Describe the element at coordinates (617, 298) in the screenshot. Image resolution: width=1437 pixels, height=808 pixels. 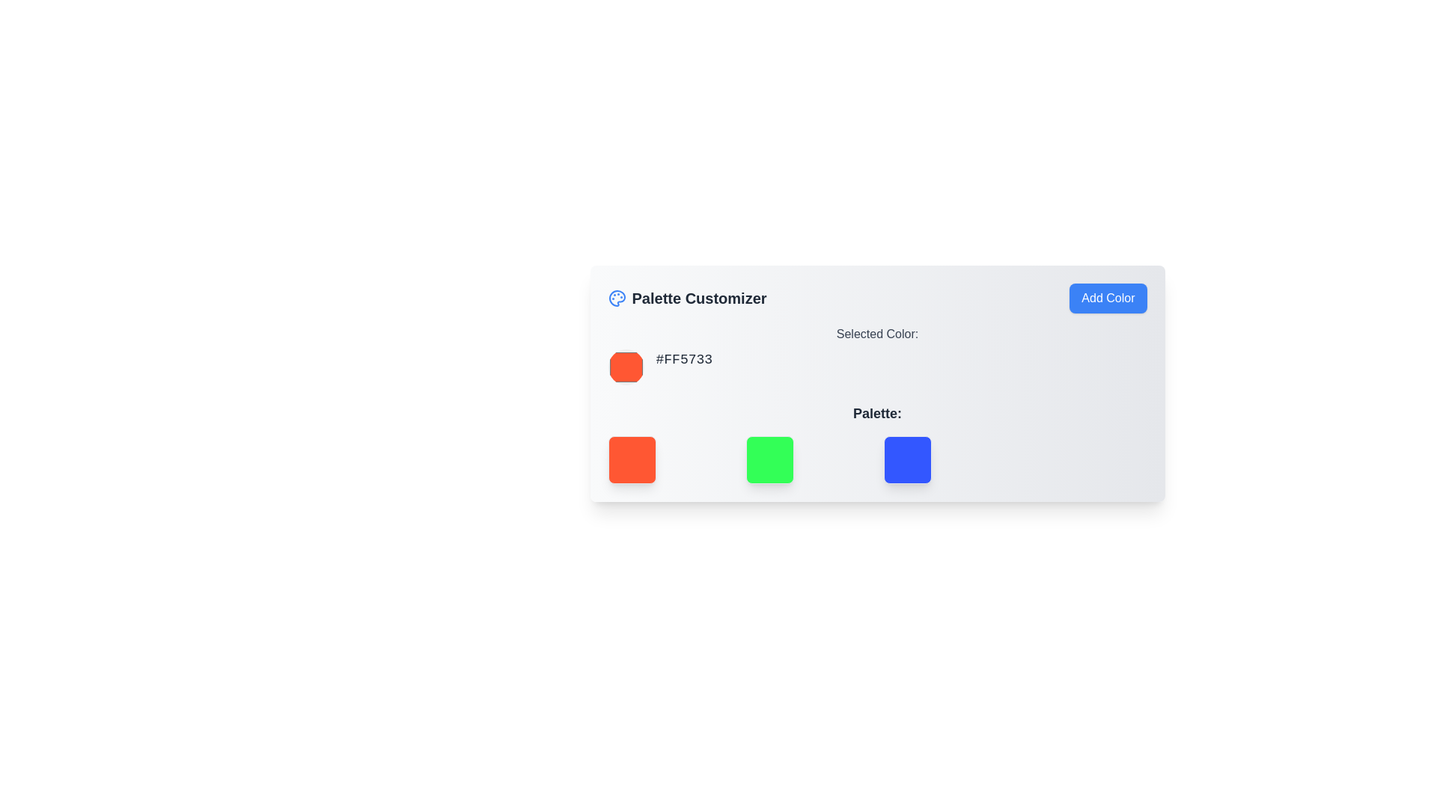
I see `the circular blue palette icon with small circular dots, which is positioned to the left of the 'Palette Customizer' text` at that location.